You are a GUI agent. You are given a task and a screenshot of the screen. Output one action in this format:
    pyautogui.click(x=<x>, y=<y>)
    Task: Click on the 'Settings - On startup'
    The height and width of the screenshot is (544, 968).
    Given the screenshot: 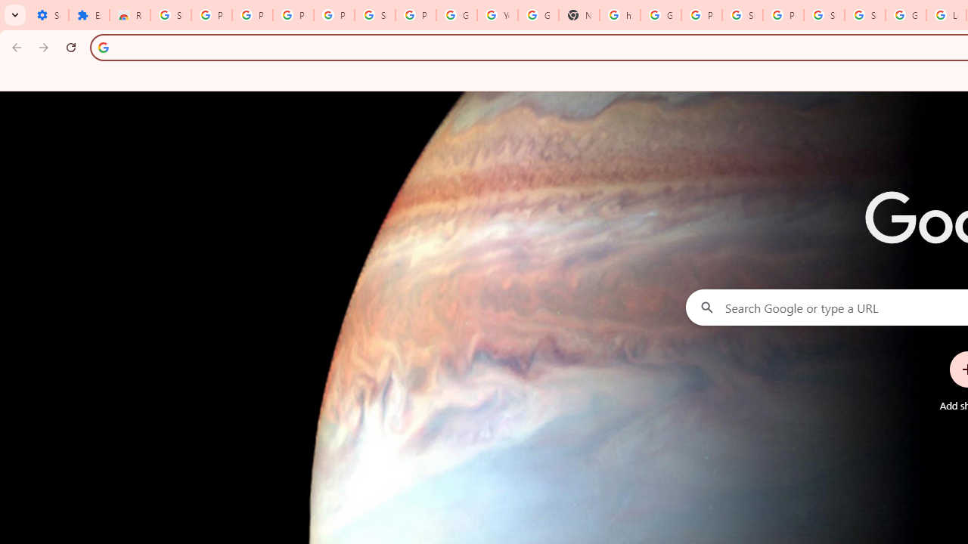 What is the action you would take?
    pyautogui.click(x=48, y=15)
    